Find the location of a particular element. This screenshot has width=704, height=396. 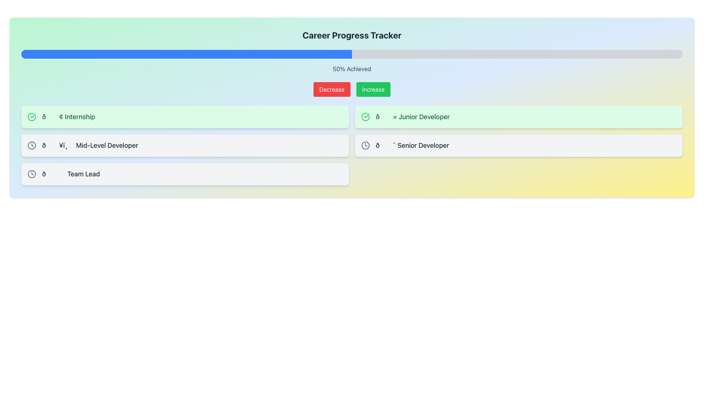

the check mark icon, which is styled with a green stroke and located at the center of a green circular icon within the row labeled 'Internship' is located at coordinates (367, 115).